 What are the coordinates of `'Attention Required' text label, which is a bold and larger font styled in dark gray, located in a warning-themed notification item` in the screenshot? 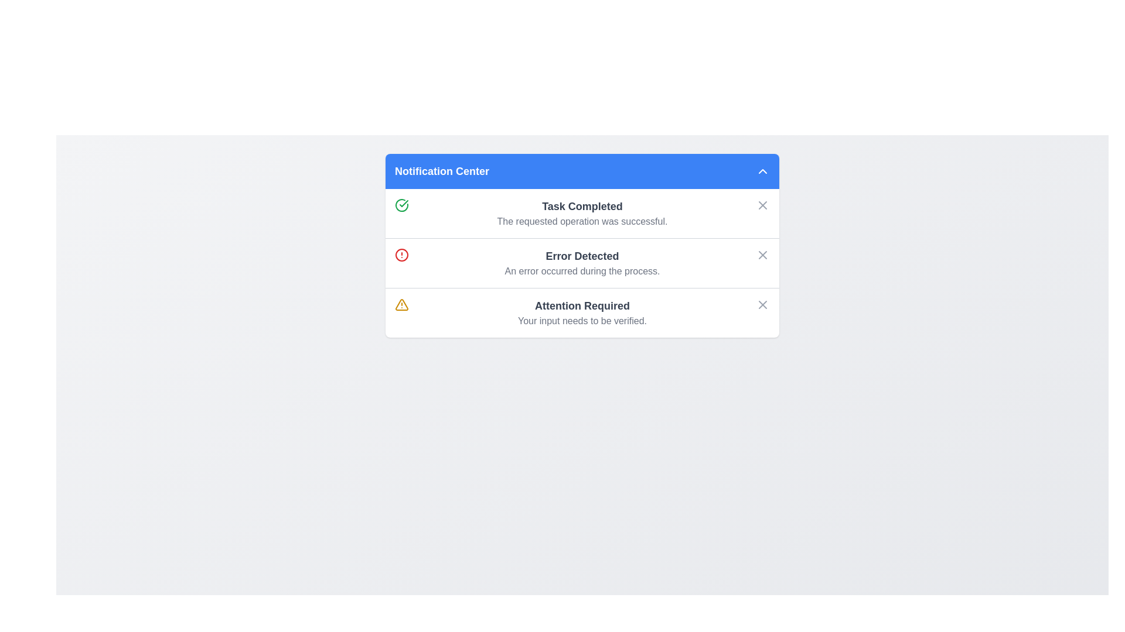 It's located at (582, 305).